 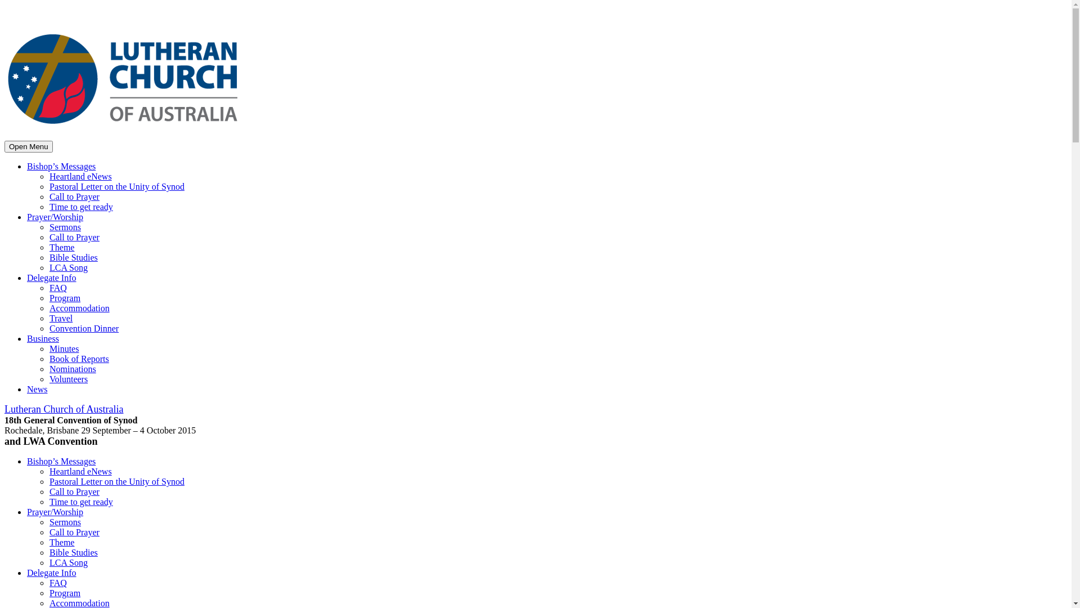 What do you see at coordinates (80, 501) in the screenshot?
I see `'Time to get ready'` at bounding box center [80, 501].